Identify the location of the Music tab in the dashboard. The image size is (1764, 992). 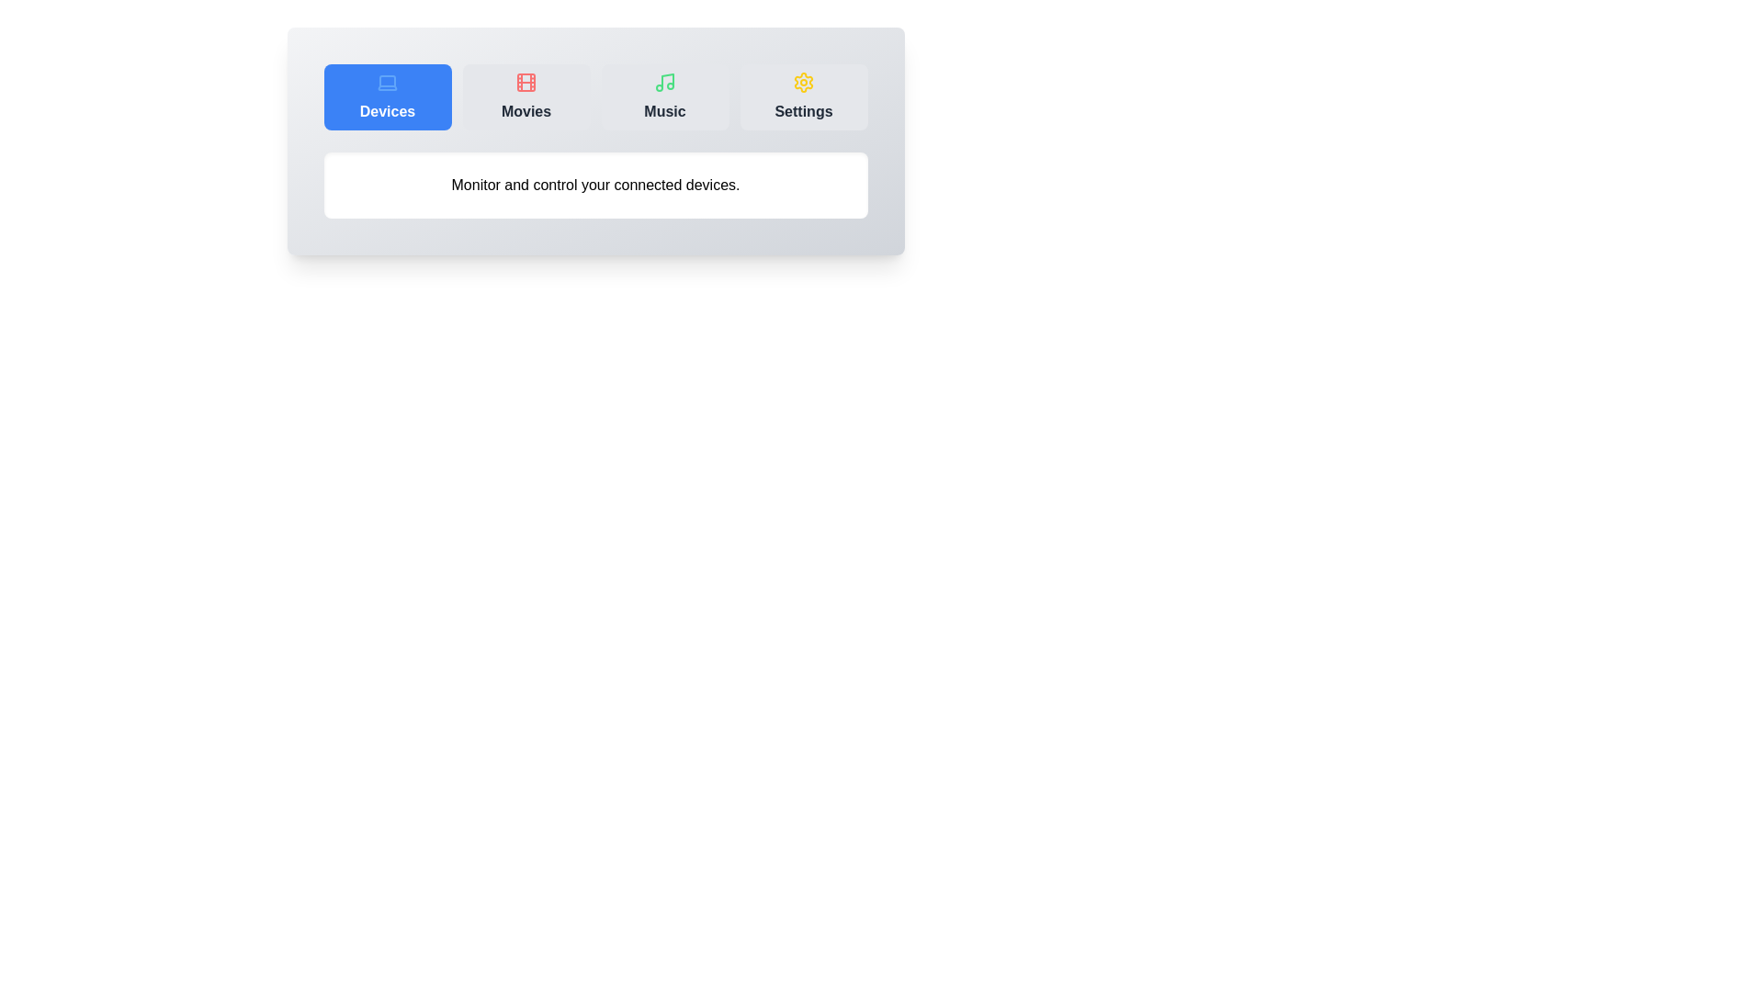
(664, 96).